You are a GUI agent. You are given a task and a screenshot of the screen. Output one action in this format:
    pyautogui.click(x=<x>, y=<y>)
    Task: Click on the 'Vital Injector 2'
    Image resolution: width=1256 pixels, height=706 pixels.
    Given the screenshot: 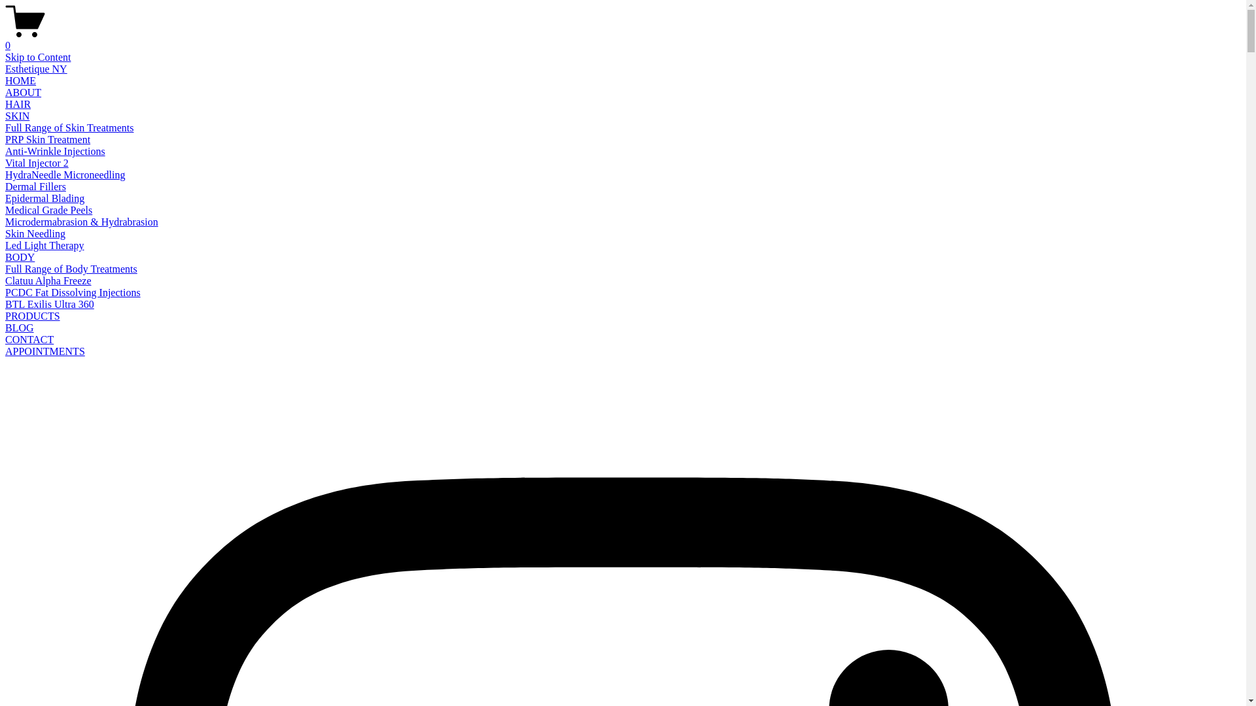 What is the action you would take?
    pyautogui.click(x=37, y=162)
    